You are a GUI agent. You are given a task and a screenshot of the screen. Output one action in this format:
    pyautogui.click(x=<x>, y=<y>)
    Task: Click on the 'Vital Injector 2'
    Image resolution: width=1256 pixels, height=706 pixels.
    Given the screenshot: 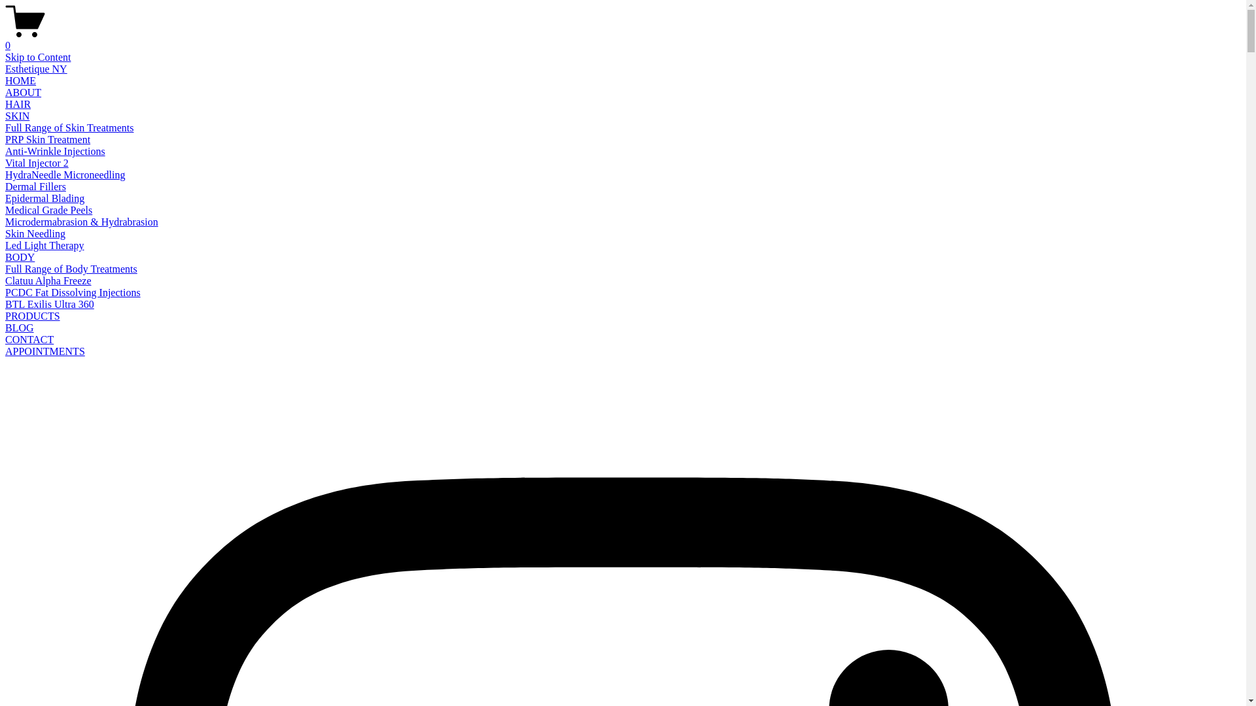 What is the action you would take?
    pyautogui.click(x=37, y=162)
    